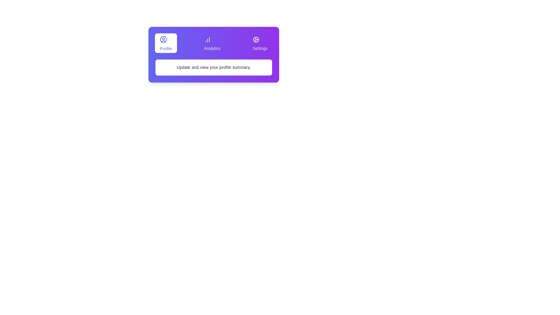  What do you see at coordinates (212, 43) in the screenshot?
I see `the Analytics tab to view its content` at bounding box center [212, 43].